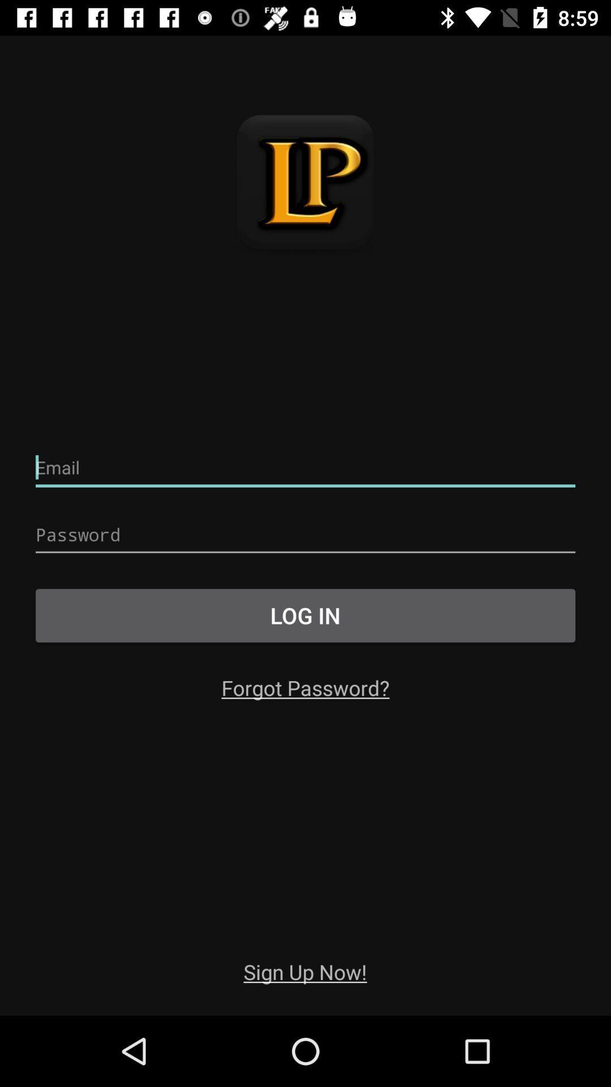  I want to click on the icon above the forgot password? item, so click(305, 615).